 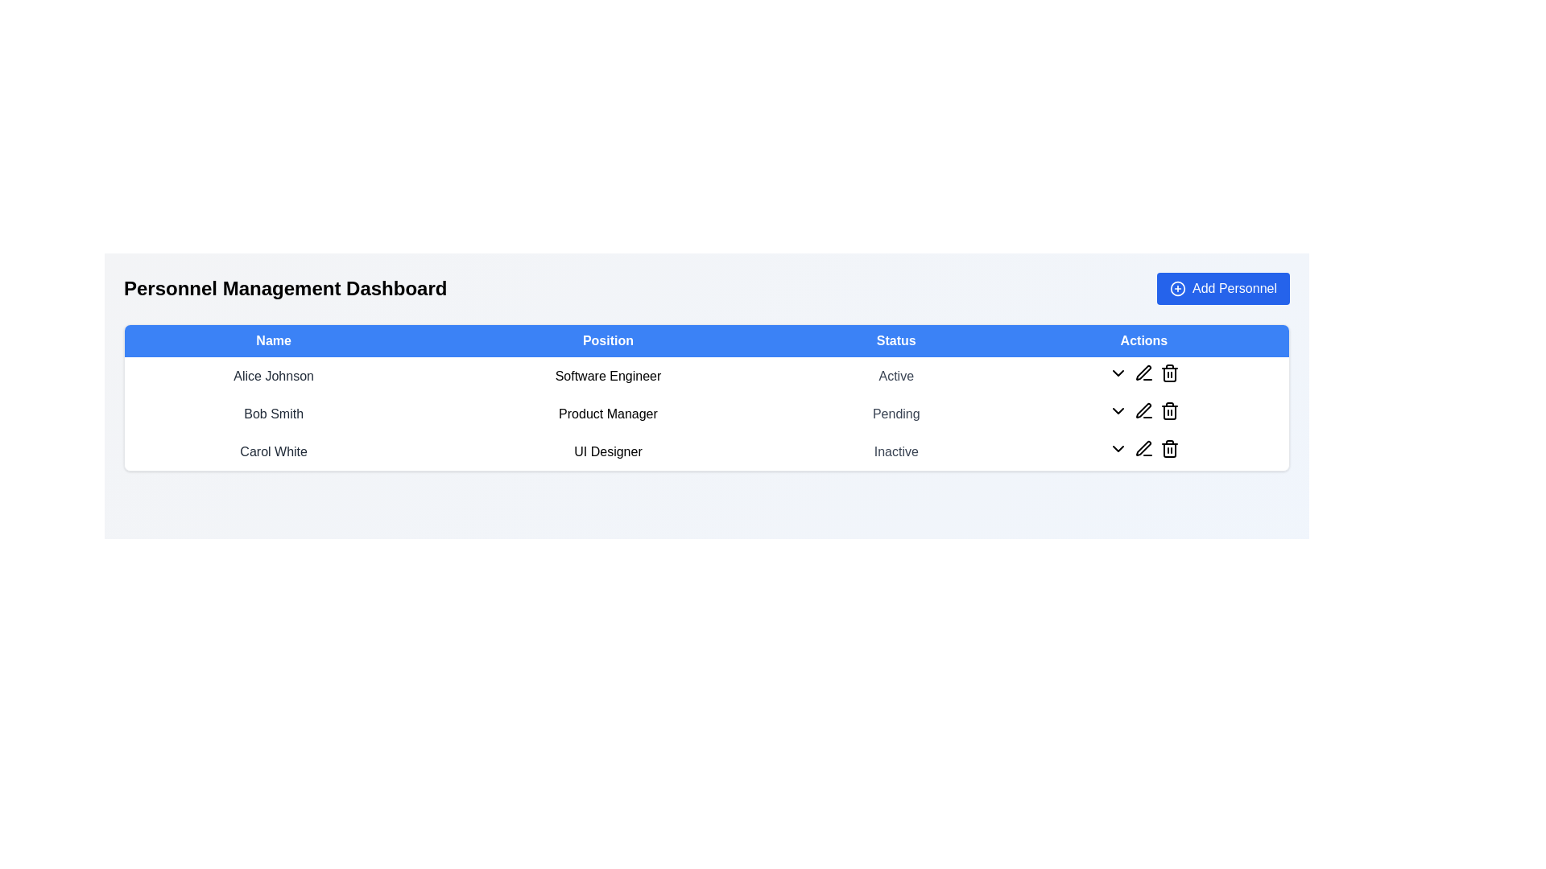 I want to click on the graphical icon representing the edit action in the SVG component located in the 'Actions' column of the last row associated with 'Carol White' in the personnel management table, so click(x=1143, y=447).